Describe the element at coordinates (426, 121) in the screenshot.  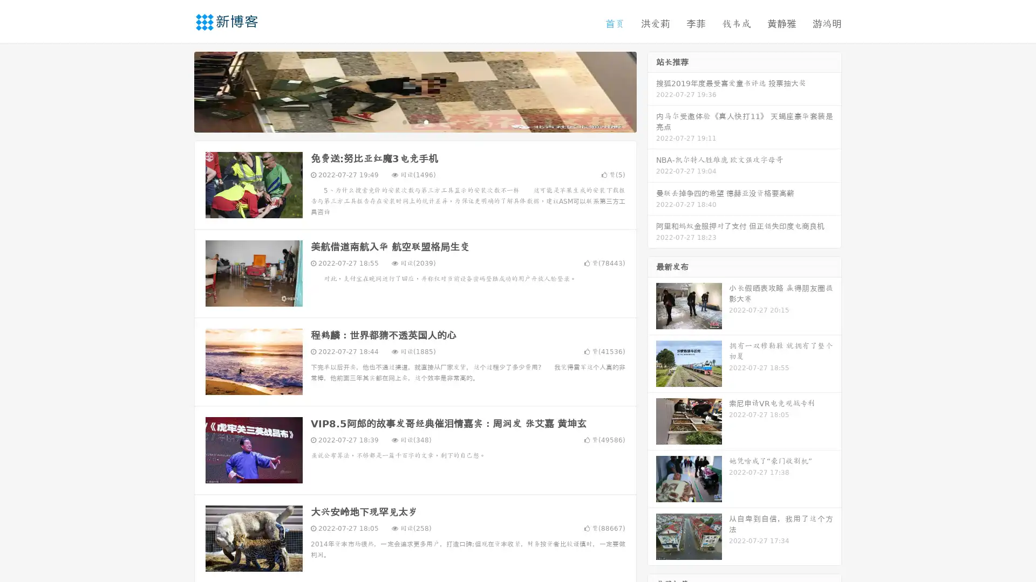
I see `Go to slide 3` at that location.